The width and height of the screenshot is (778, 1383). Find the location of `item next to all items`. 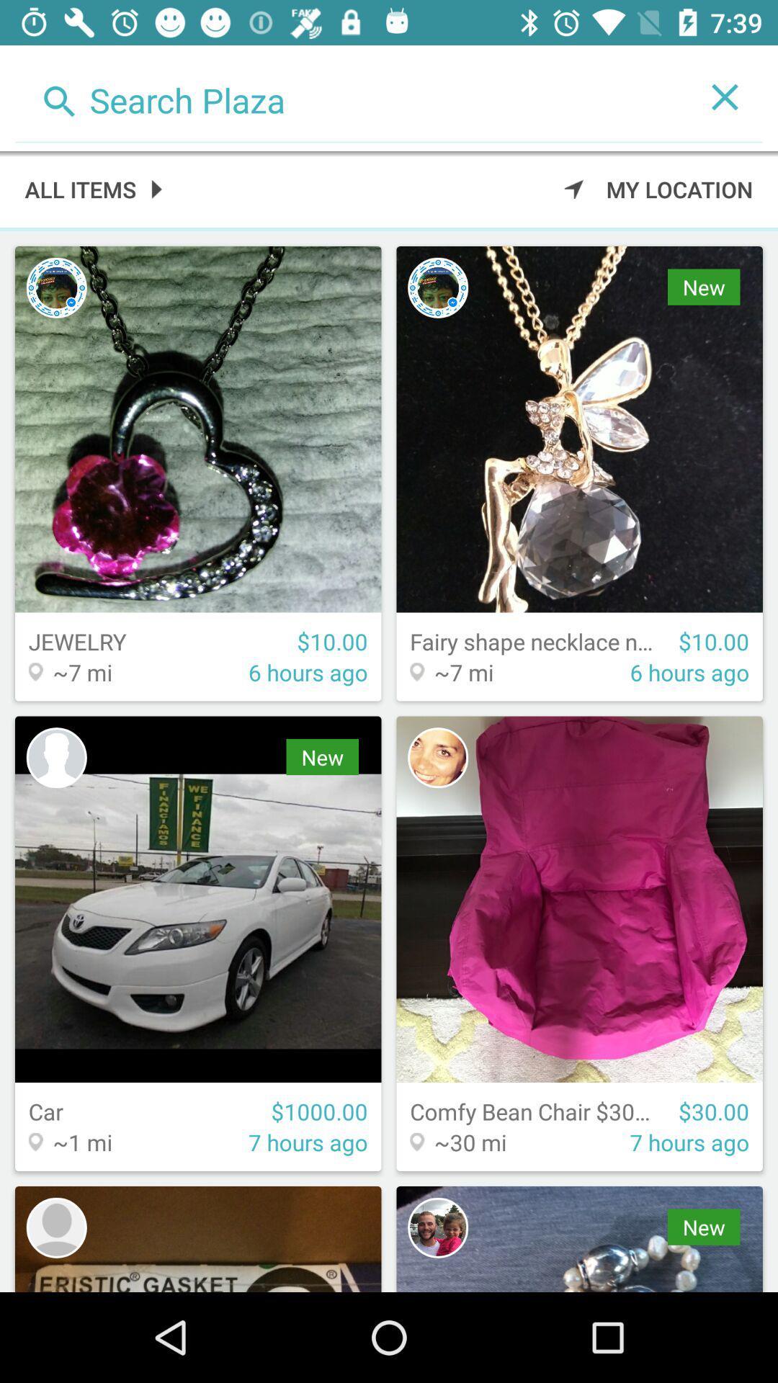

item next to all items is located at coordinates (658, 188).